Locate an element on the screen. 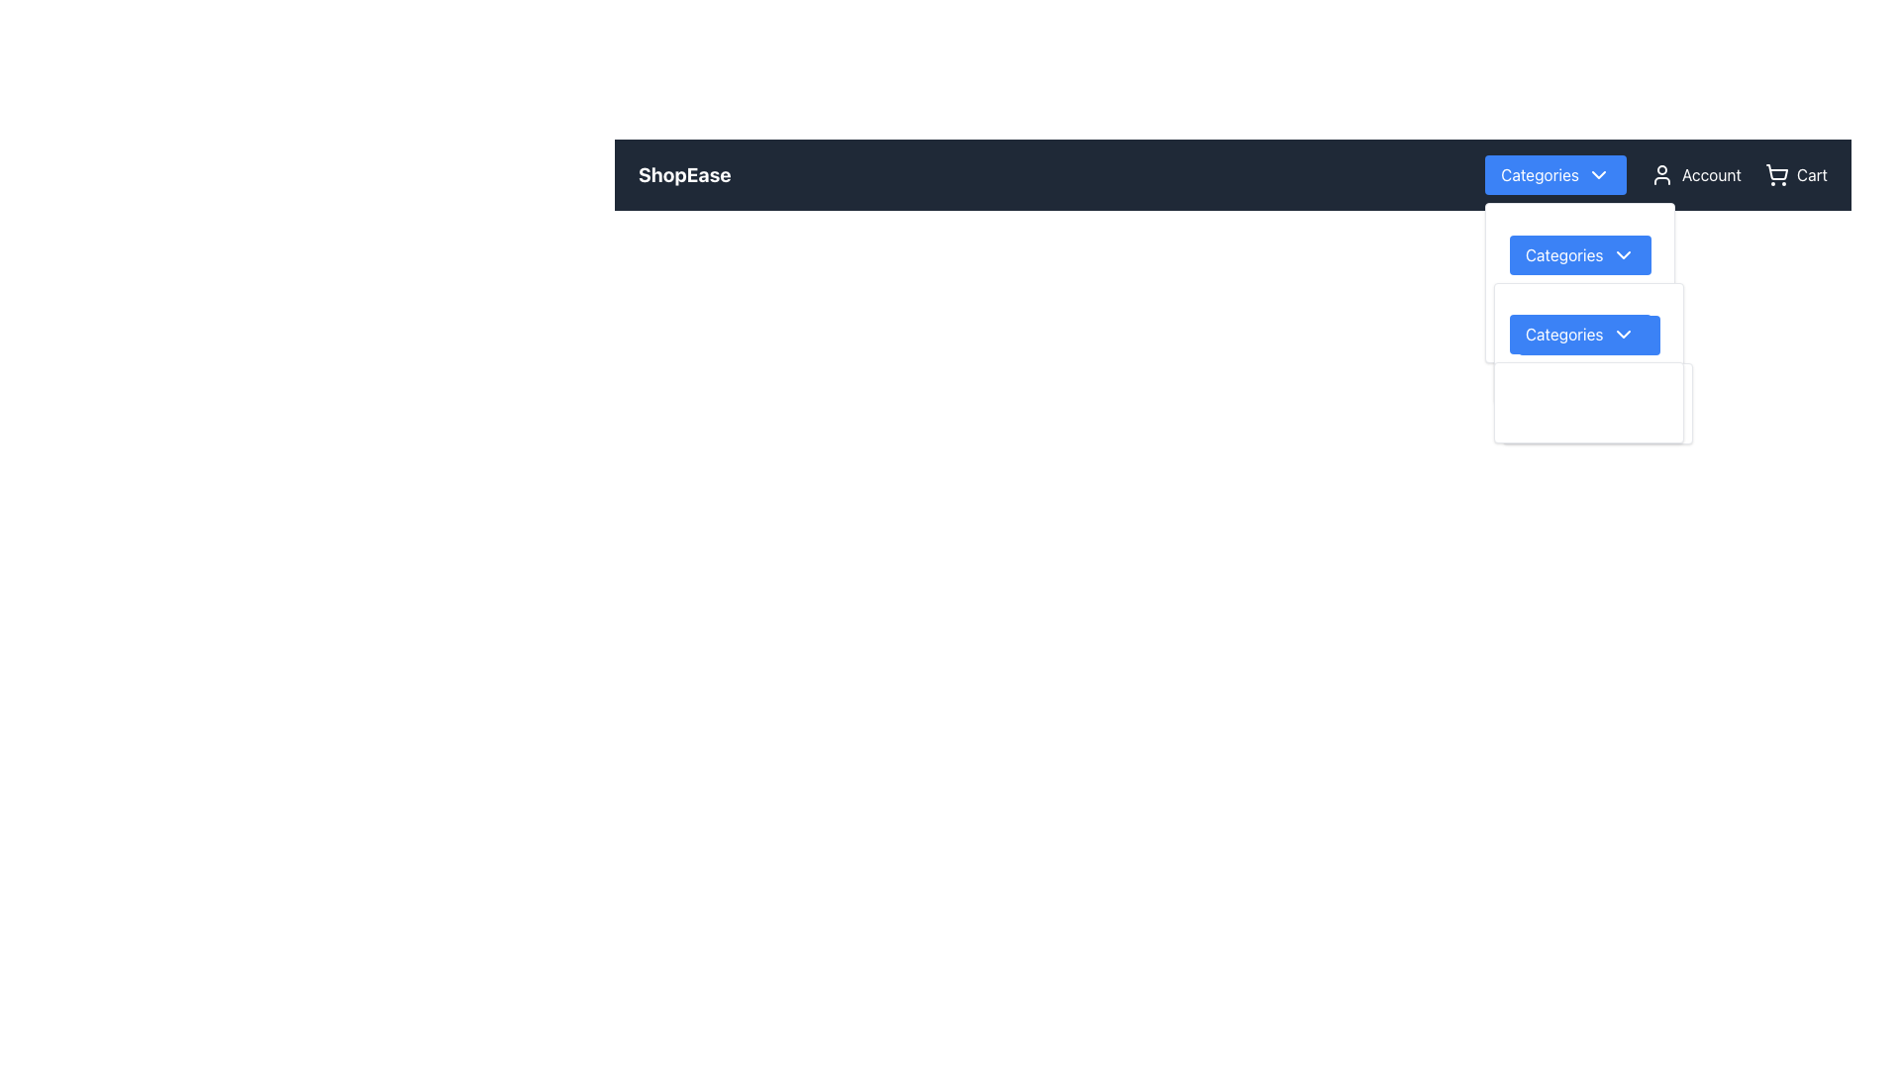 The image size is (1901, 1069). the shopping cart icon located on the far right of the top navigation bar is located at coordinates (1776, 174).